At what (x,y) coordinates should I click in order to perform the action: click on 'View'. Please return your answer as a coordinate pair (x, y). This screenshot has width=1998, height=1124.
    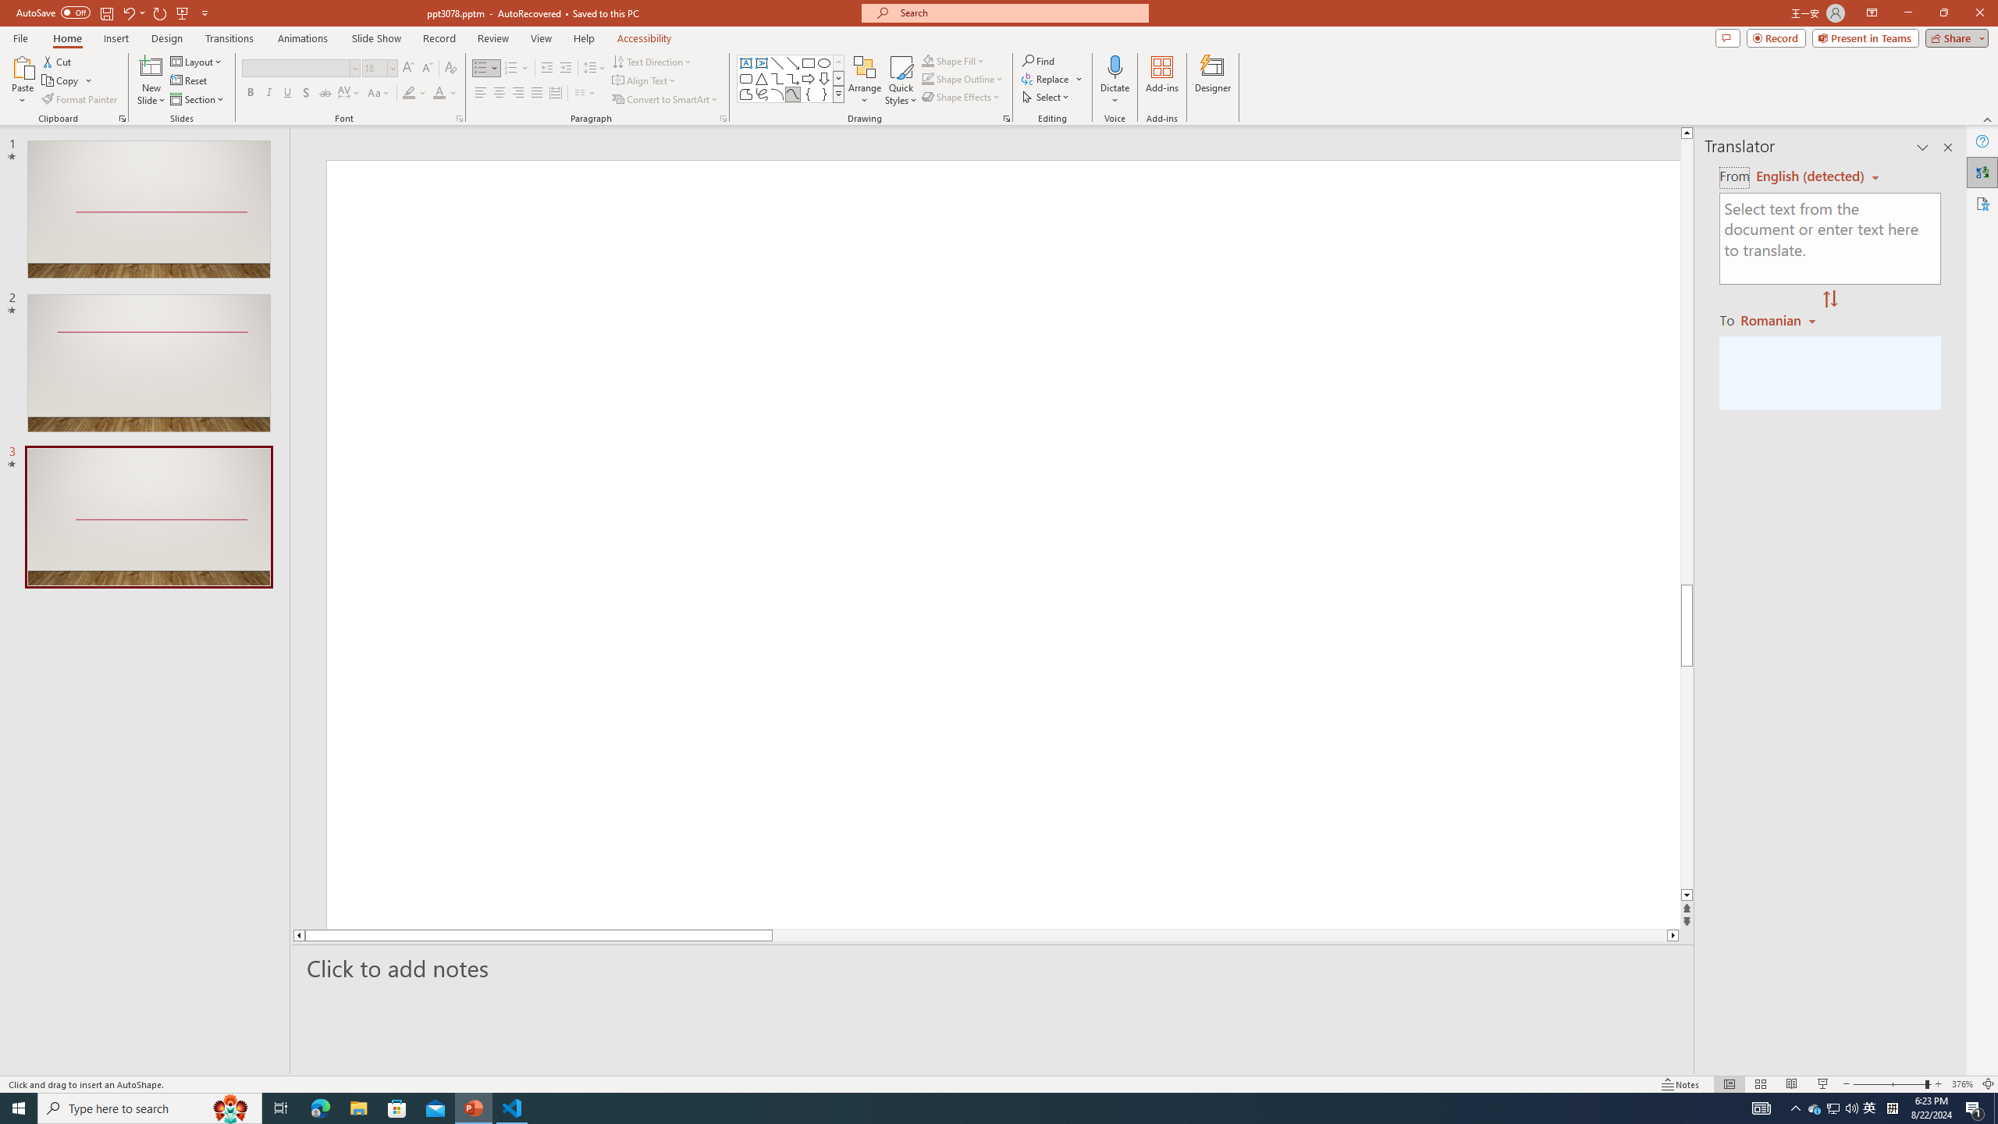
    Looking at the image, I should click on (542, 38).